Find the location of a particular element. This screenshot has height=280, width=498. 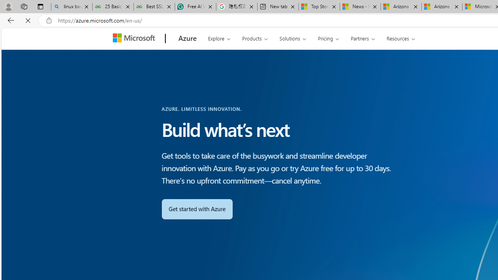

'Azure' is located at coordinates (187, 38).